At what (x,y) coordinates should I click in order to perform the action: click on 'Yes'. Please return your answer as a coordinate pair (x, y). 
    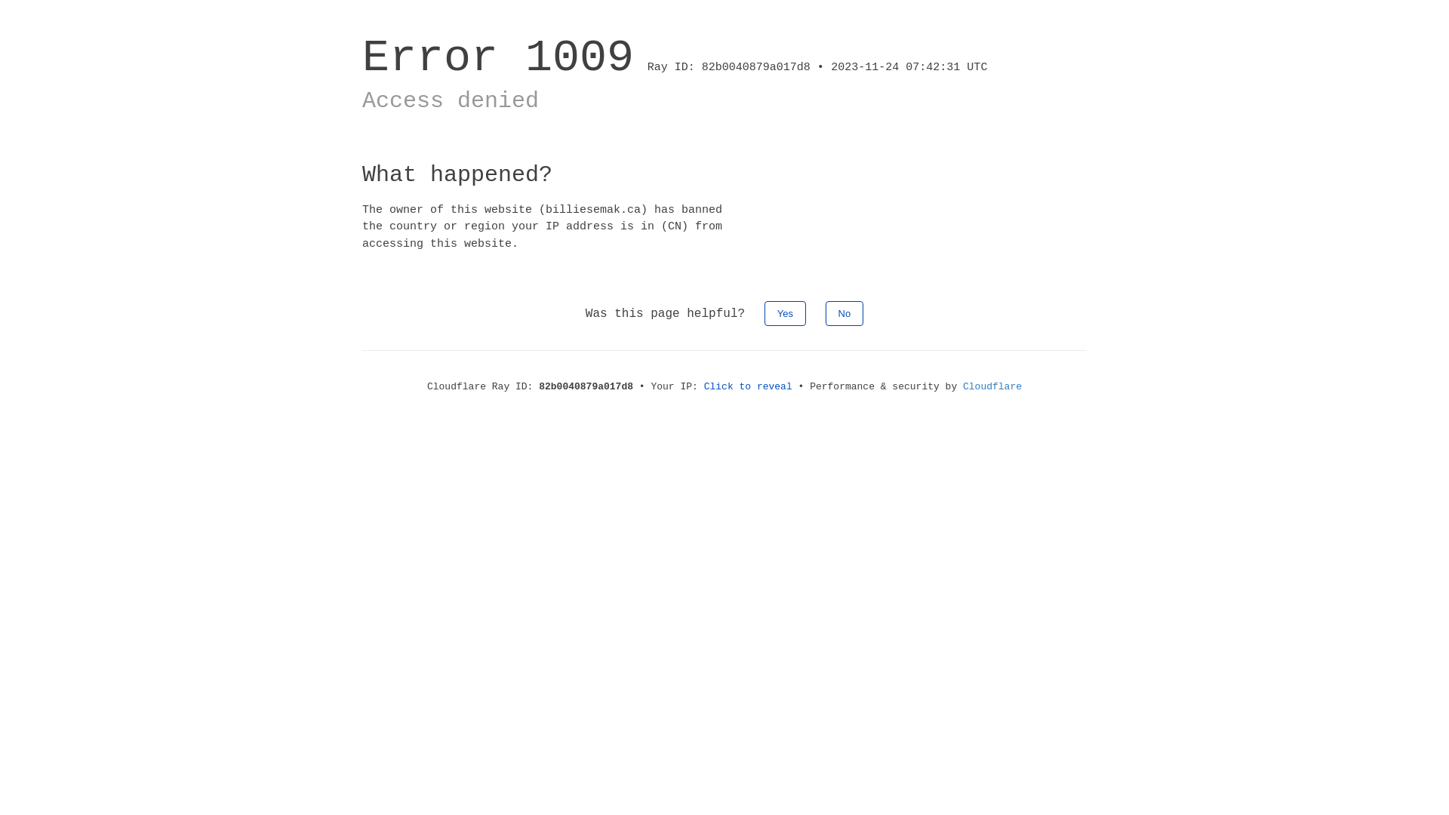
    Looking at the image, I should click on (785, 312).